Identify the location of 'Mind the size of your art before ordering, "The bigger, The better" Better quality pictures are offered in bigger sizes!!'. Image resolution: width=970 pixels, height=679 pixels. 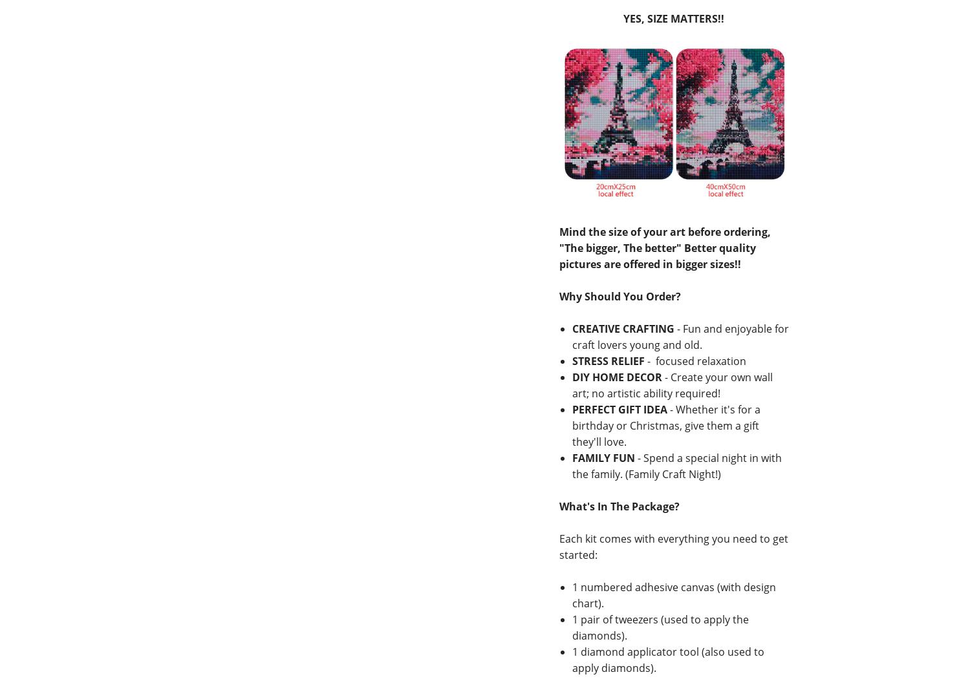
(557, 247).